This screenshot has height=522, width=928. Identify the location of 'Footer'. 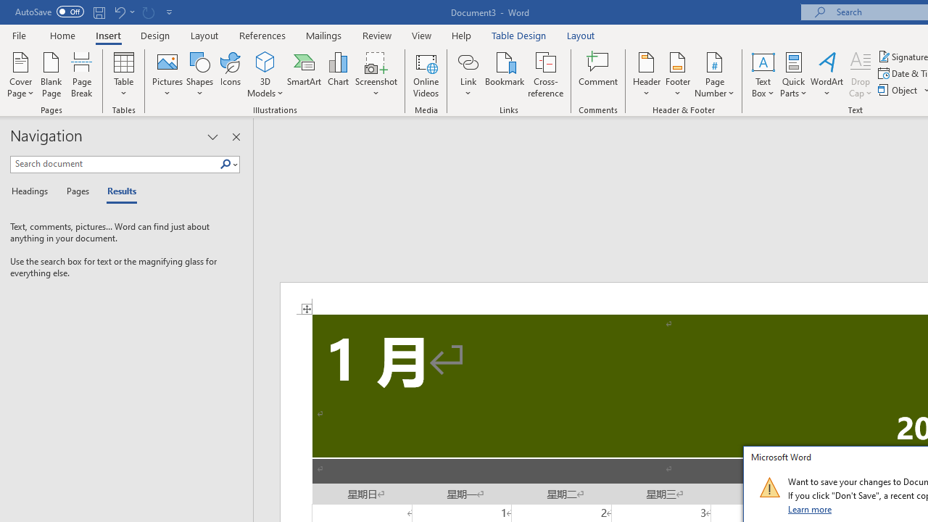
(677, 75).